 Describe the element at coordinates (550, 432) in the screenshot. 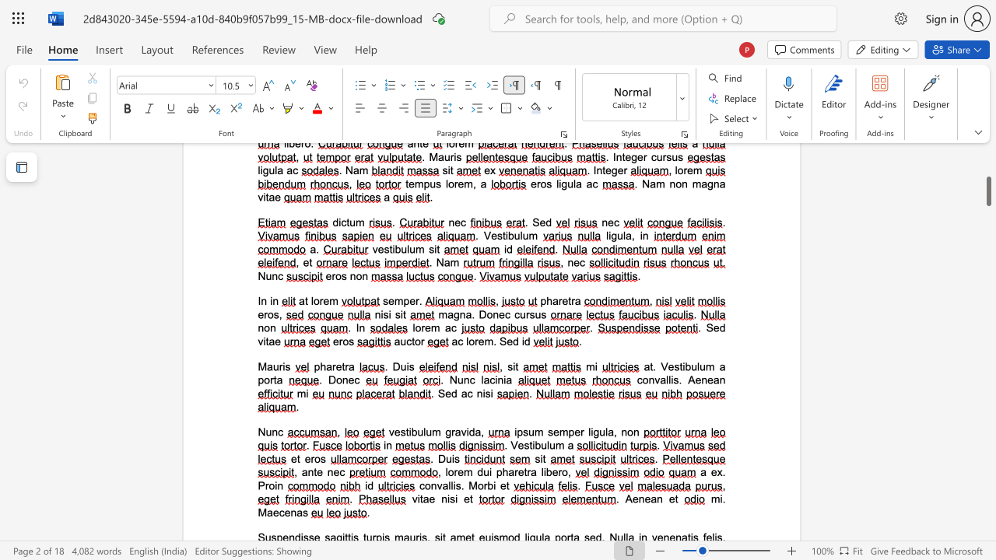

I see `the 2th character "s" in the text` at that location.